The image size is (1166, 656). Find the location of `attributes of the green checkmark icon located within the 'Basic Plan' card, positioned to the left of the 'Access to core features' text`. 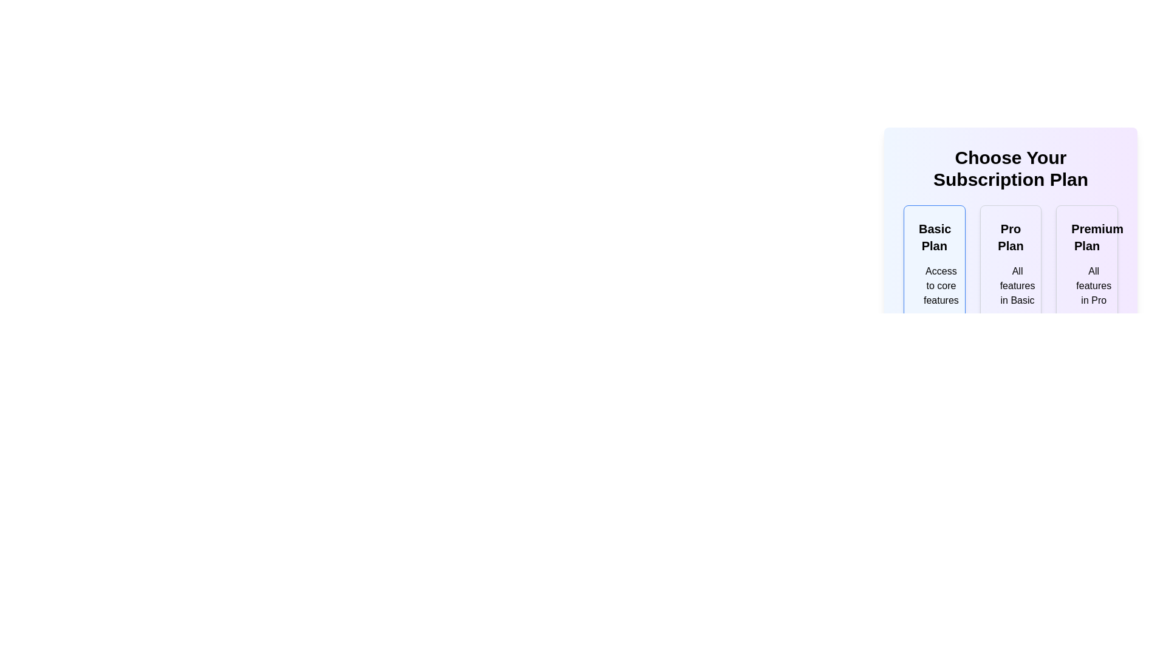

attributes of the green checkmark icon located within the 'Basic Plan' card, positioned to the left of the 'Access to core features' text is located at coordinates (926, 287).